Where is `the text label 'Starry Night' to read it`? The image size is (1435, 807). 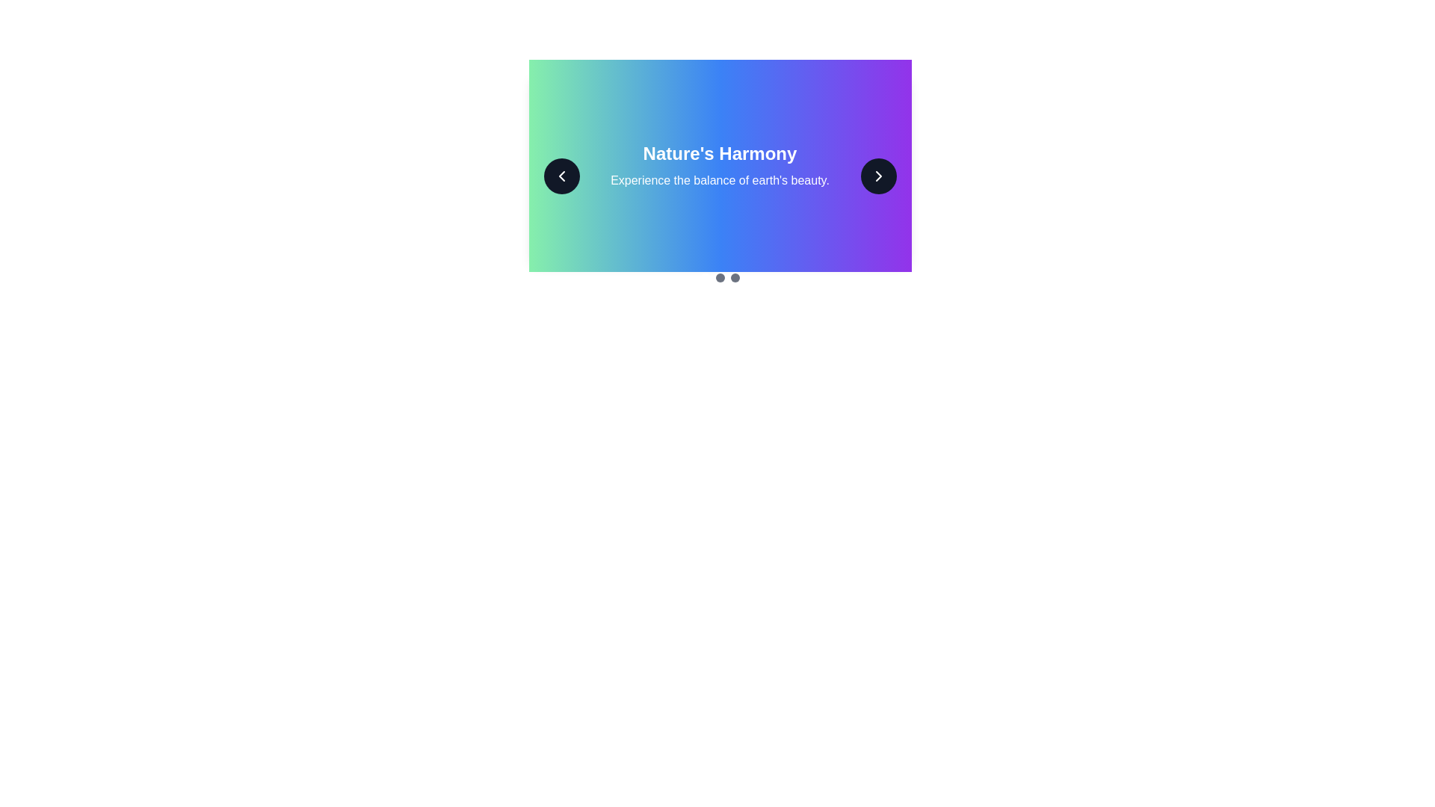
the text label 'Starry Night' to read it is located at coordinates (720, 153).